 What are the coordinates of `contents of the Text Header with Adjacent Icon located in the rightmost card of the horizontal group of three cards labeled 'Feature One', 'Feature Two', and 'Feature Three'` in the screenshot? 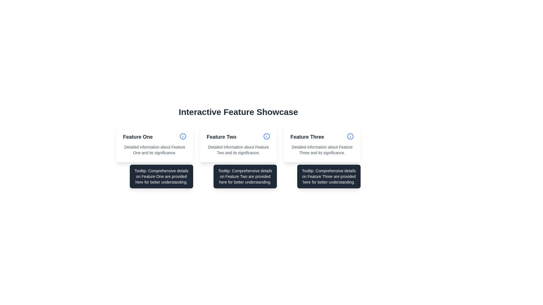 It's located at (322, 137).